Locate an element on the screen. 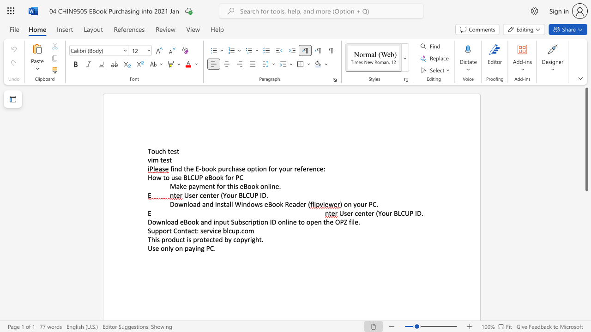 The image size is (591, 332). the space between the continuous character "e" and "B" in the text is located at coordinates (267, 204).